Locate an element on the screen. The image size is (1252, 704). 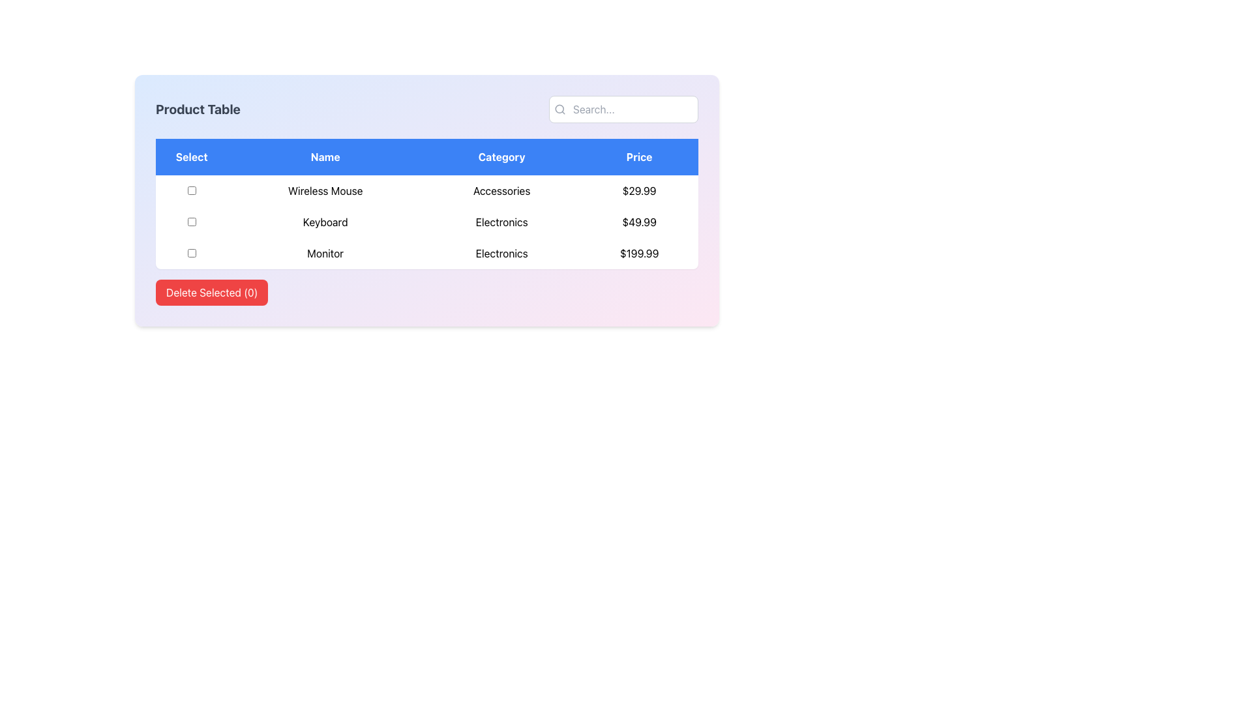
the checkbox for 'Keyboard' is located at coordinates (190, 220).